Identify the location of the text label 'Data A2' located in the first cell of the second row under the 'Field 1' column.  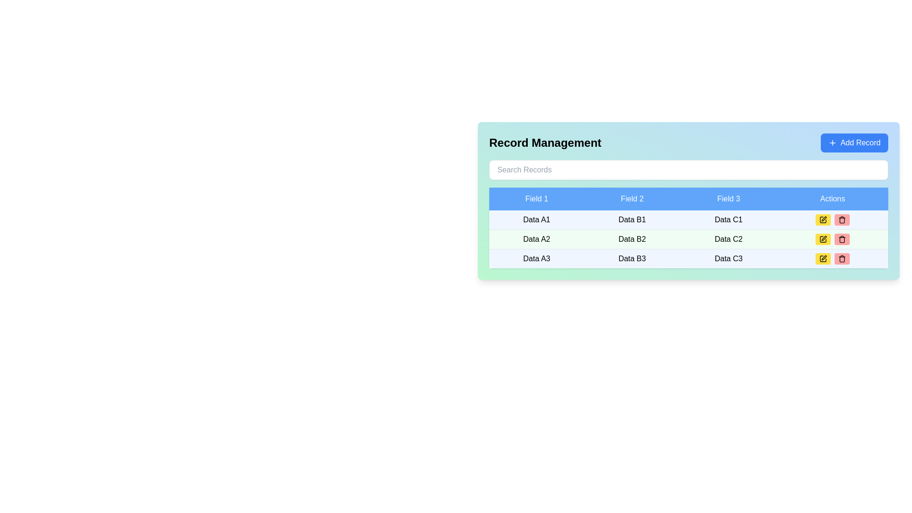
(537, 239).